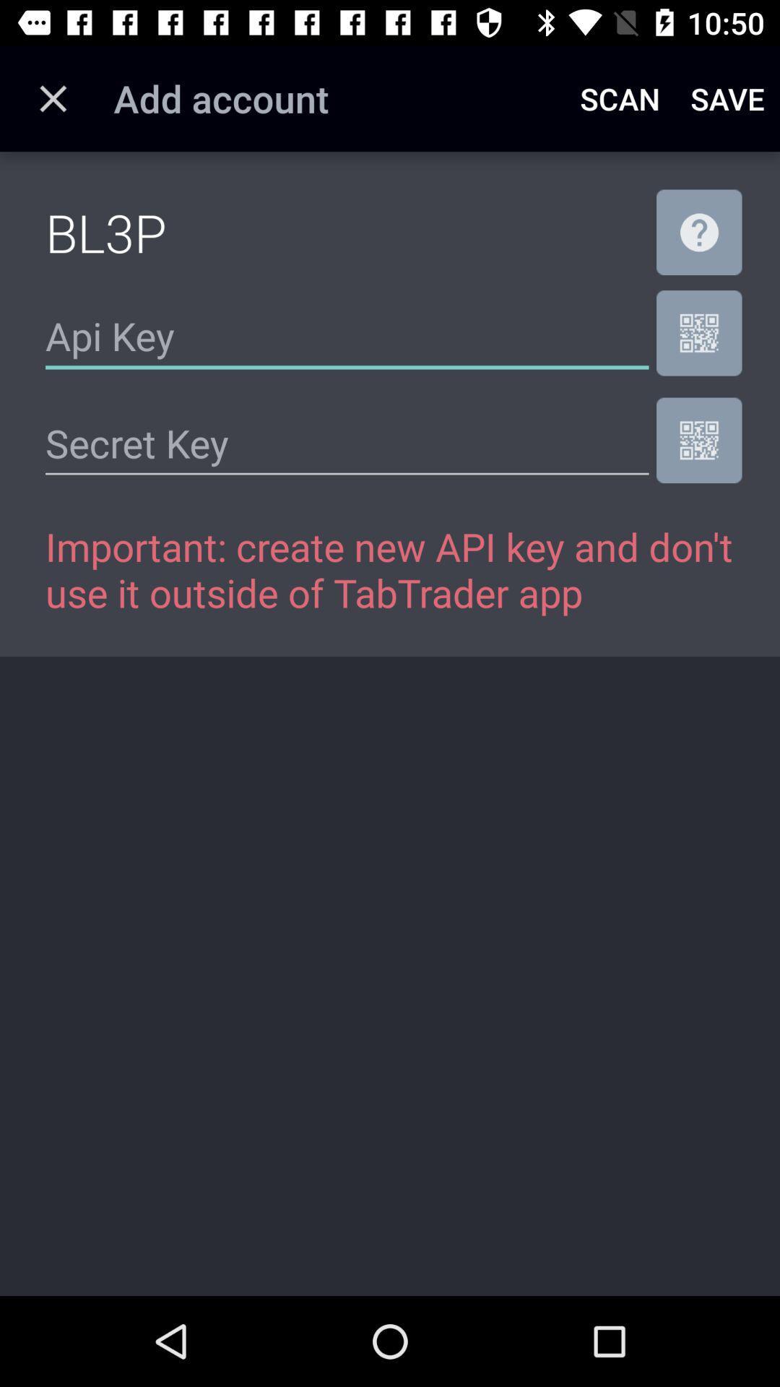 This screenshot has width=780, height=1387. Describe the element at coordinates (727, 98) in the screenshot. I see `the save` at that location.